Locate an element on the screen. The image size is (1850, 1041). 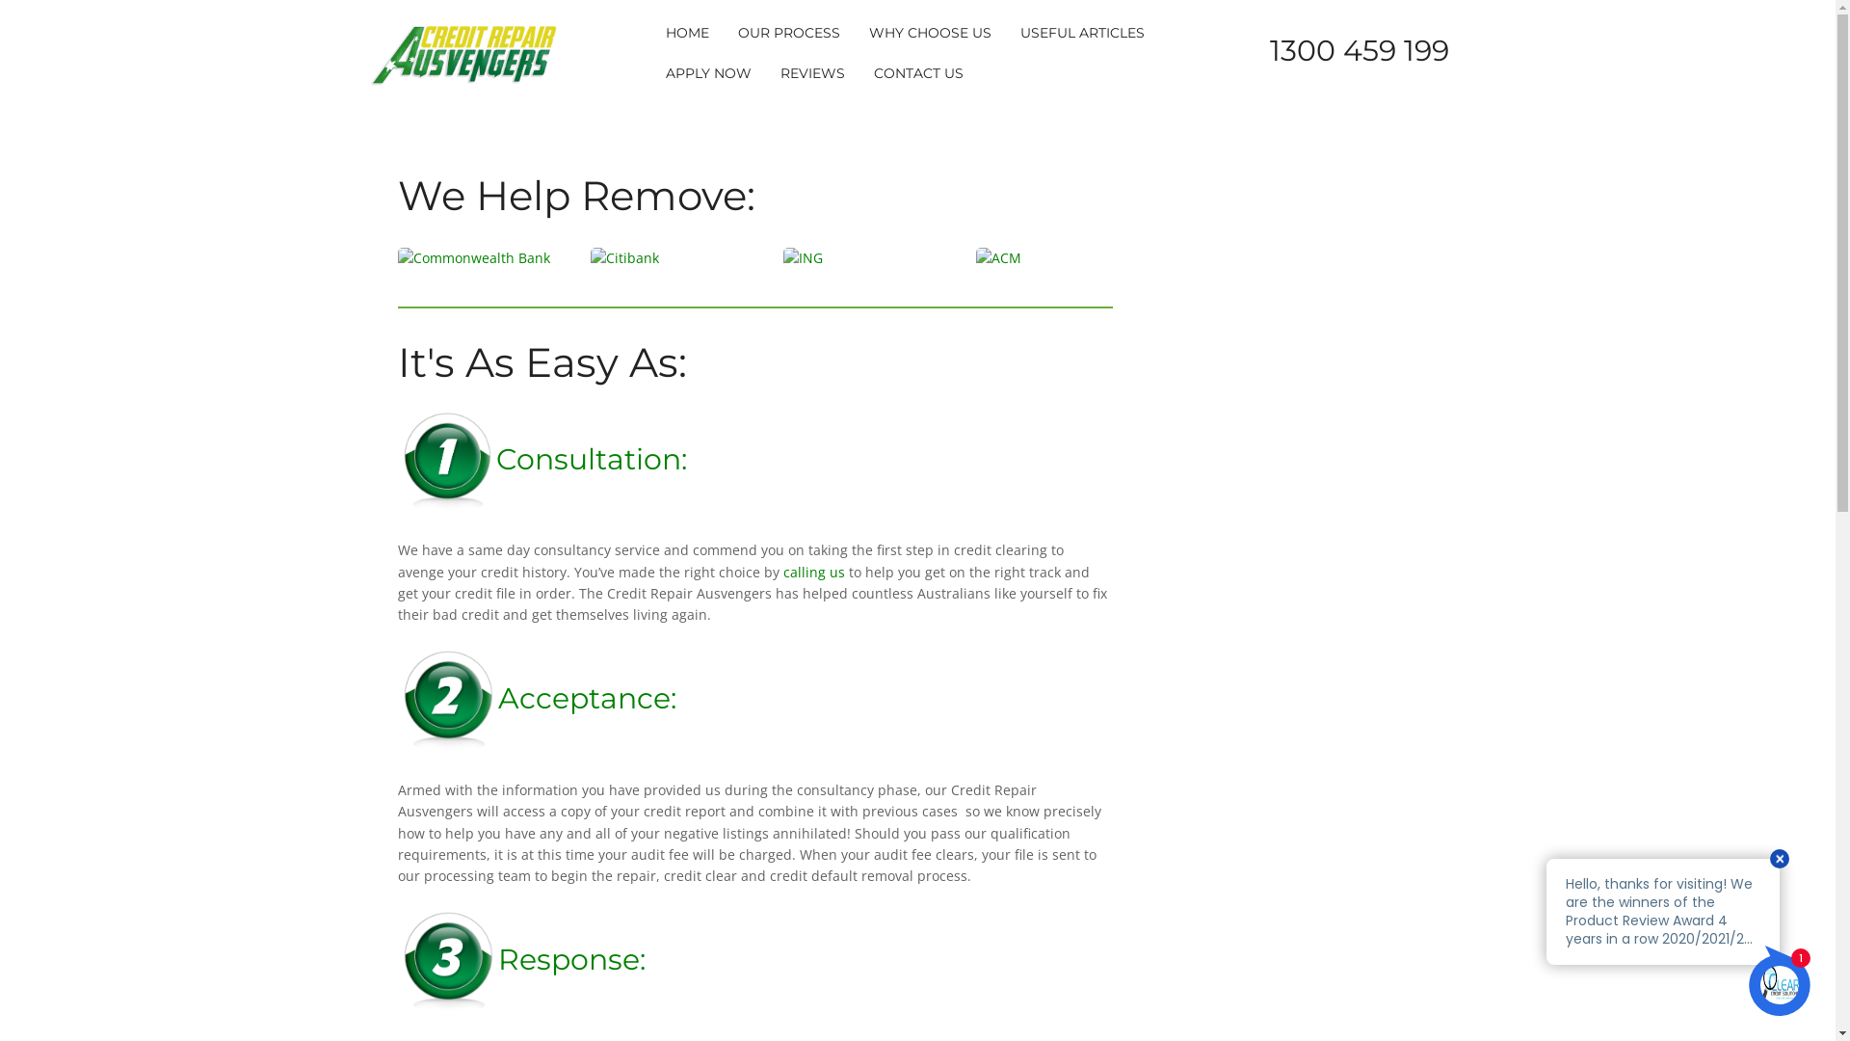
'USEFUL ARTICLES' is located at coordinates (1082, 33).